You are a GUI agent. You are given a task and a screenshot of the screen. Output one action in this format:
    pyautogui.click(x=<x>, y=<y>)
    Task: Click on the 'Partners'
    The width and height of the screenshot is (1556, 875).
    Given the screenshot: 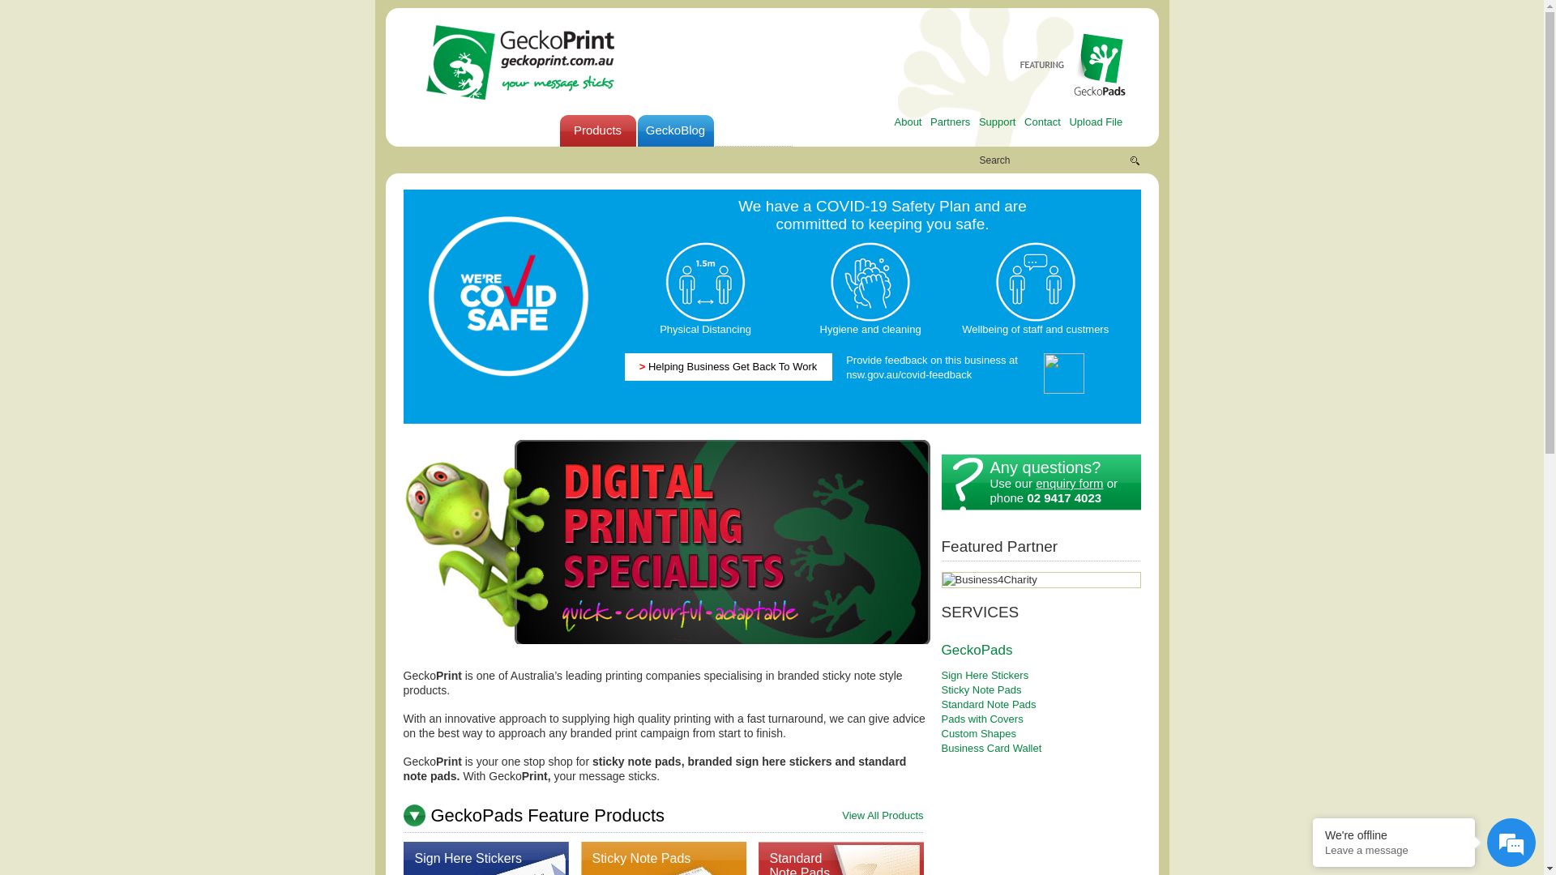 What is the action you would take?
    pyautogui.click(x=950, y=121)
    